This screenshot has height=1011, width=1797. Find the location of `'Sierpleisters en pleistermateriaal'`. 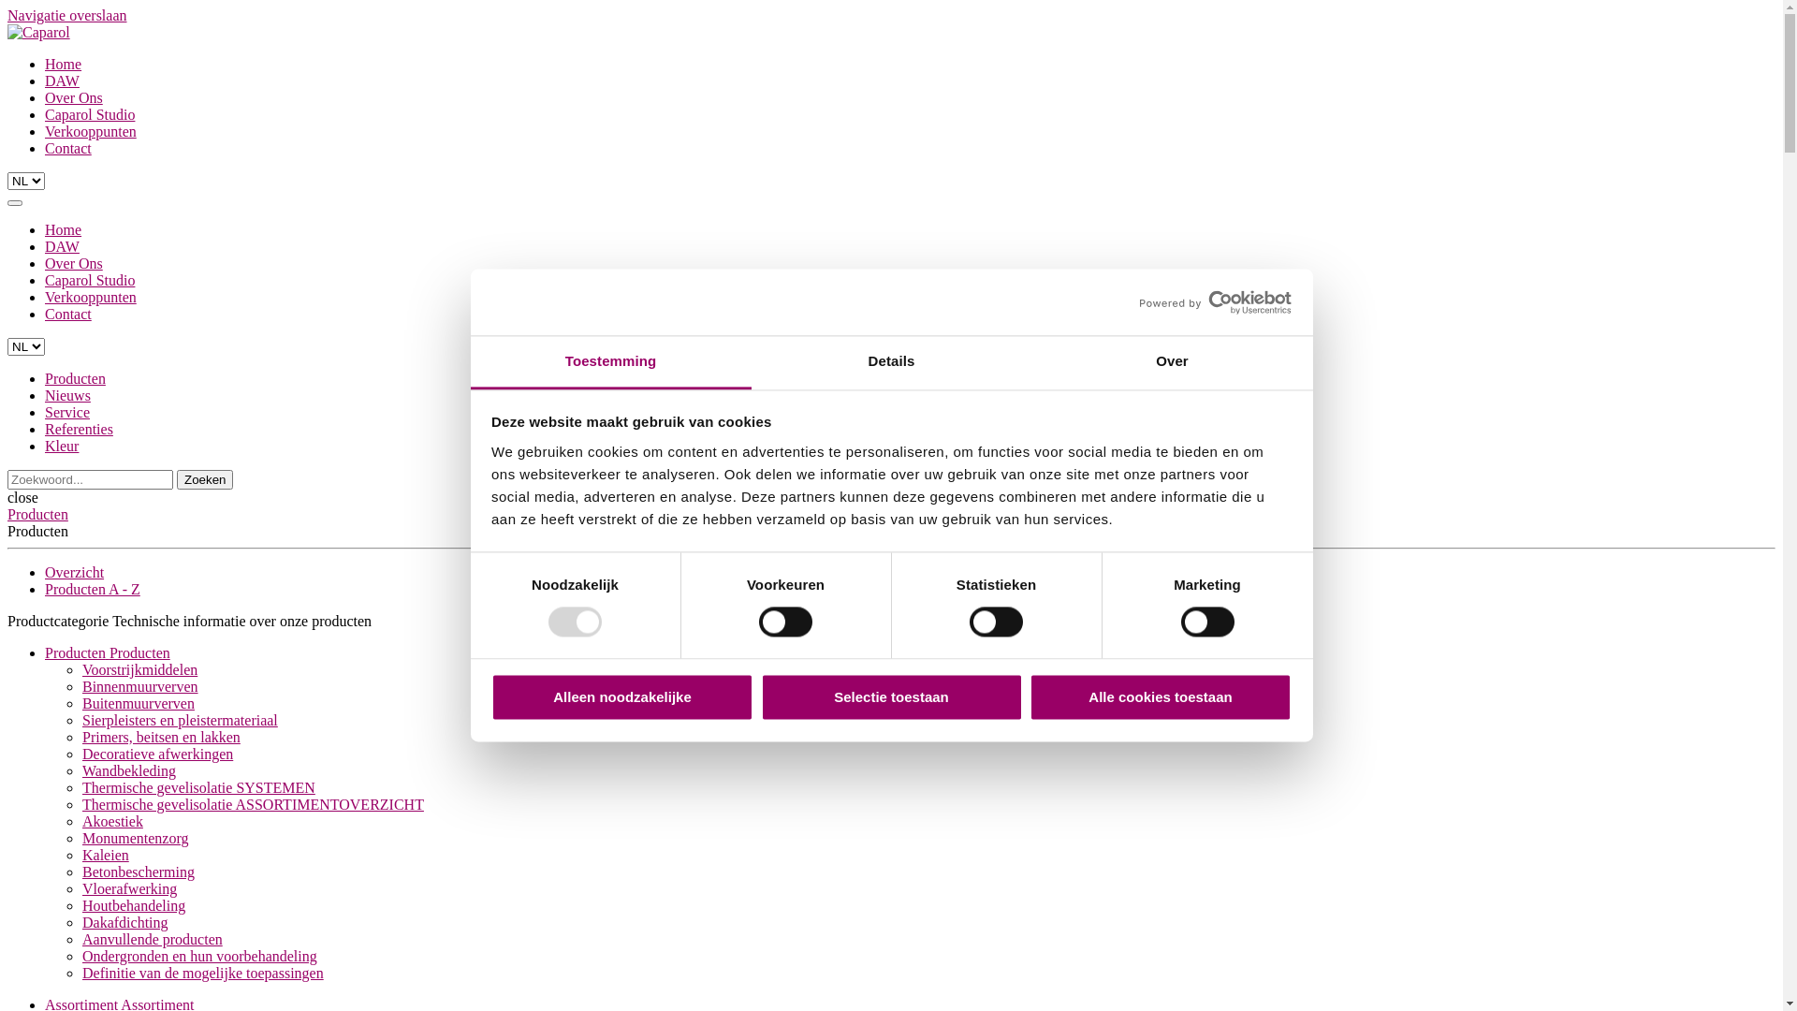

'Sierpleisters en pleistermateriaal' is located at coordinates (180, 719).